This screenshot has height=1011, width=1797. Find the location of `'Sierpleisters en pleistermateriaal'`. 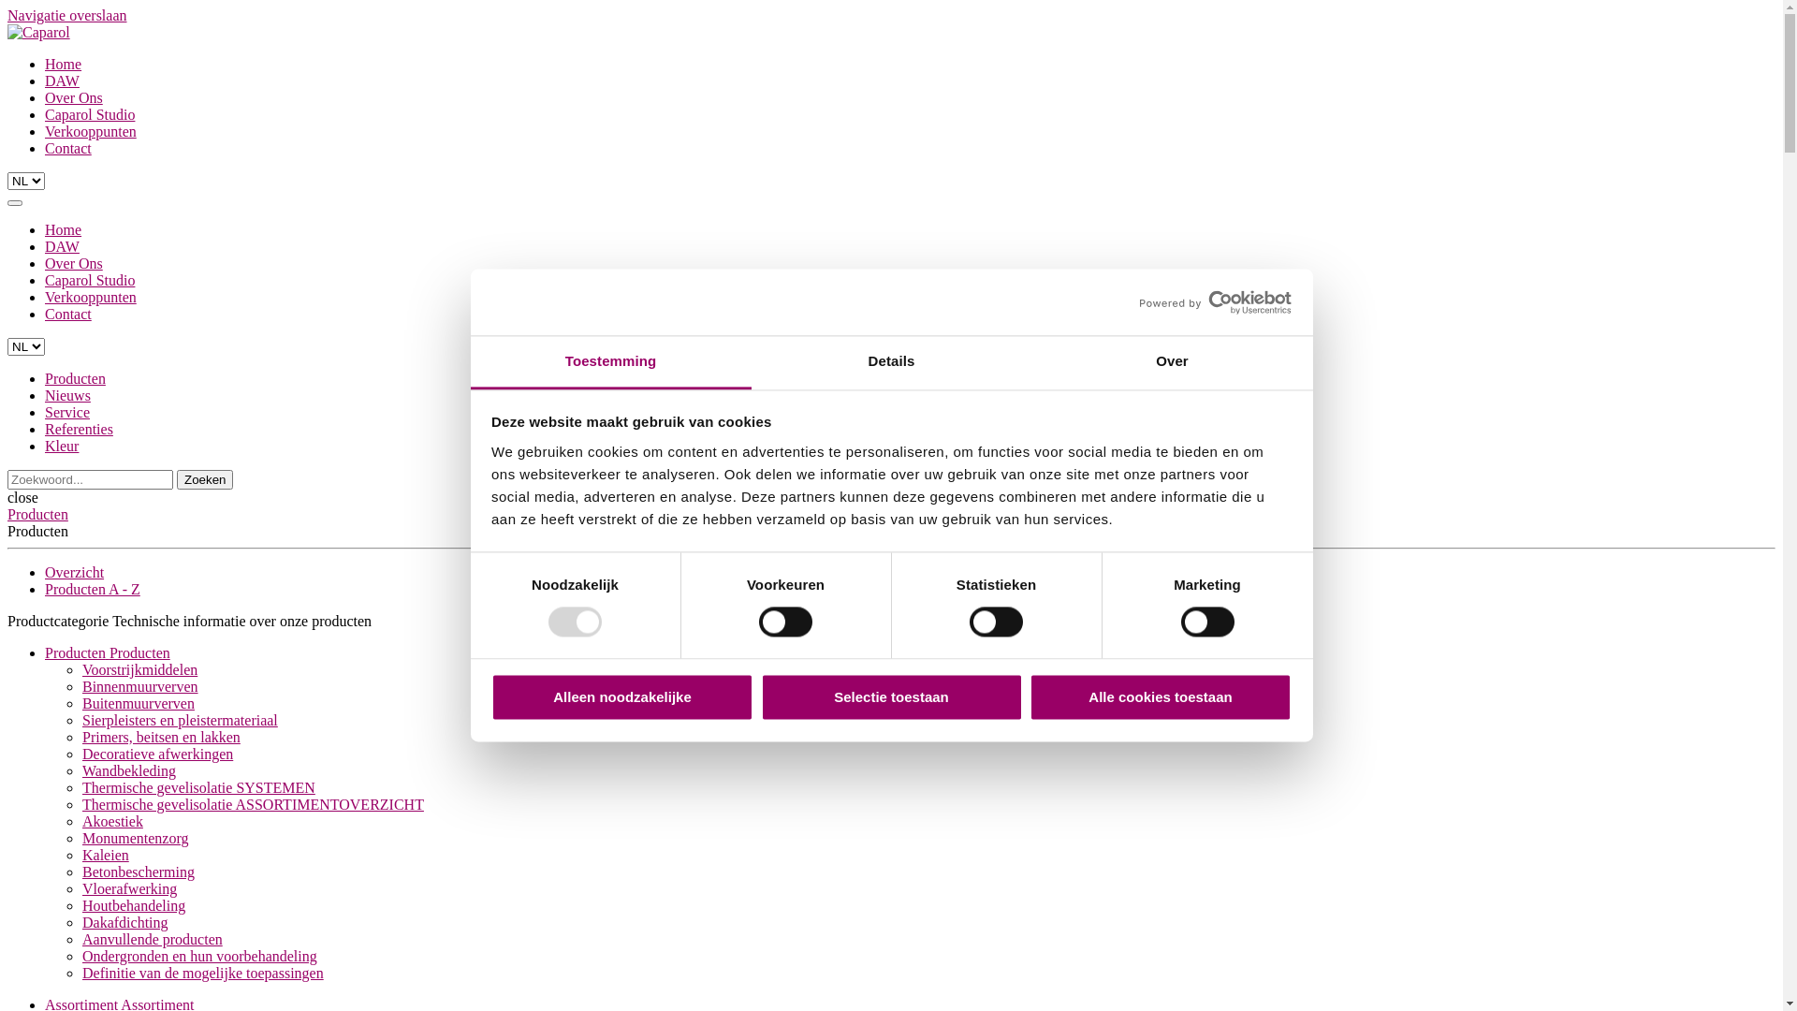

'Sierpleisters en pleistermateriaal' is located at coordinates (180, 719).